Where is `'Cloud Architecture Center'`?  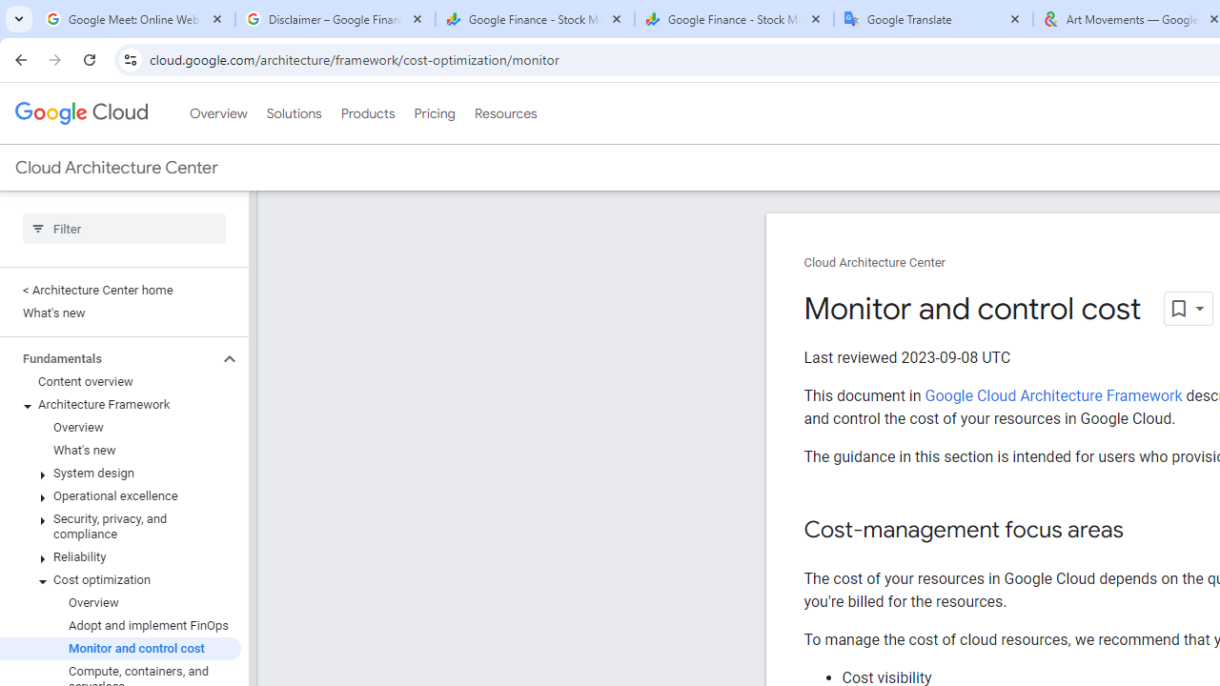
'Cloud Architecture Center' is located at coordinates (873, 263).